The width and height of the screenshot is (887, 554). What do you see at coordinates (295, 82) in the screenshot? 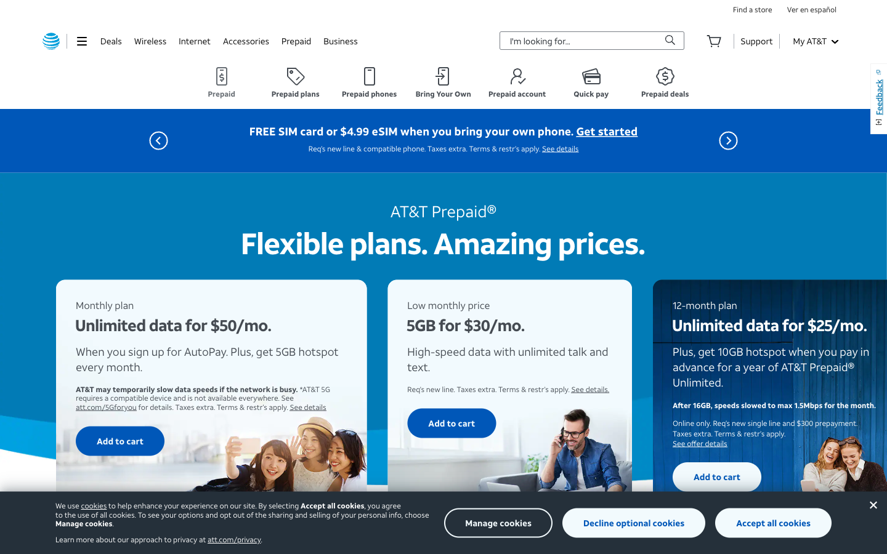
I see `the "Prepaid Plans" section` at bounding box center [295, 82].